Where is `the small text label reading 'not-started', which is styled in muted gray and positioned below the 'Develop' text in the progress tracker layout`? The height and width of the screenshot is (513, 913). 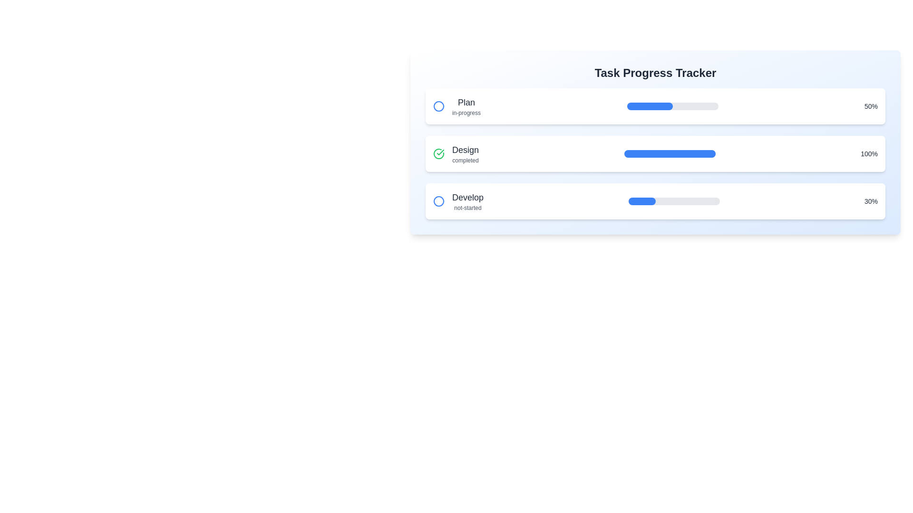 the small text label reading 'not-started', which is styled in muted gray and positioned below the 'Develop' text in the progress tracker layout is located at coordinates (467, 208).